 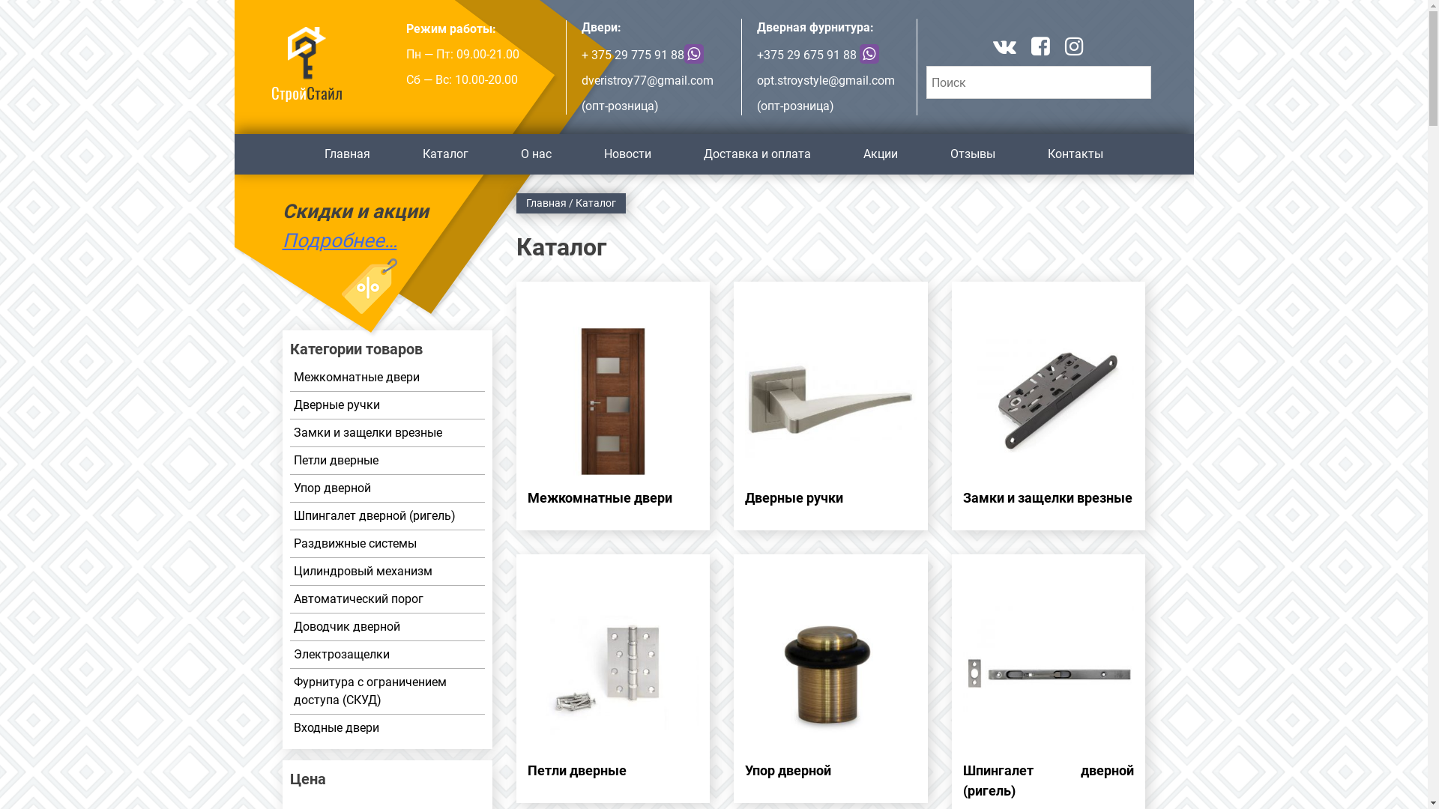 What do you see at coordinates (1073, 48) in the screenshot?
I see `'Instagram'` at bounding box center [1073, 48].